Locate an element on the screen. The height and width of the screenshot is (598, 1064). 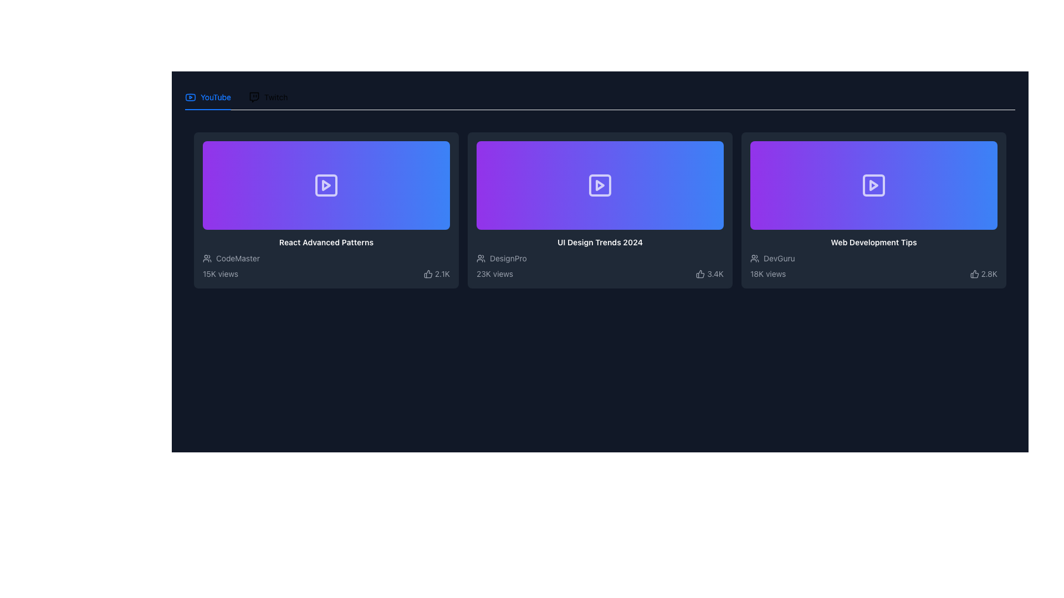
the gradient-colored image button with a play icon is located at coordinates (326, 185).